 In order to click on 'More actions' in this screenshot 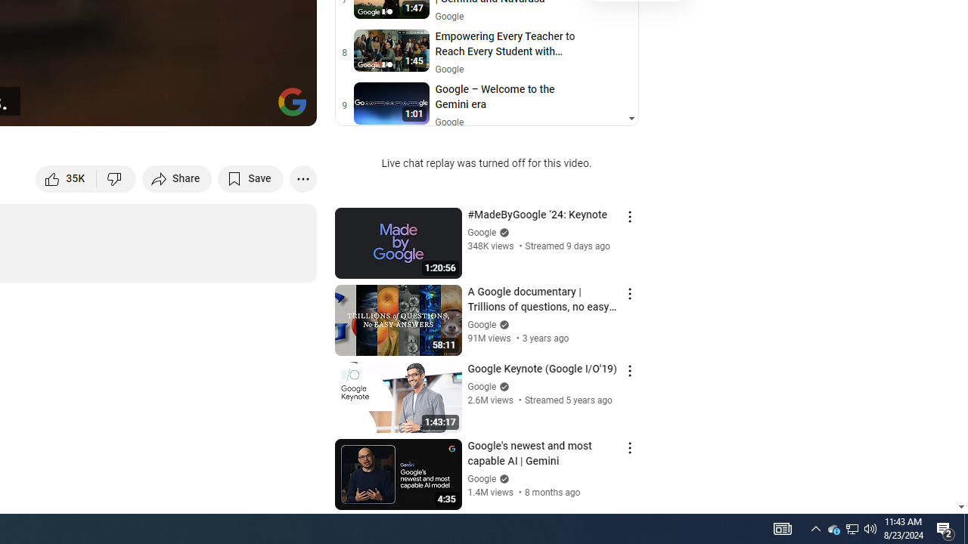, I will do `click(302, 178)`.